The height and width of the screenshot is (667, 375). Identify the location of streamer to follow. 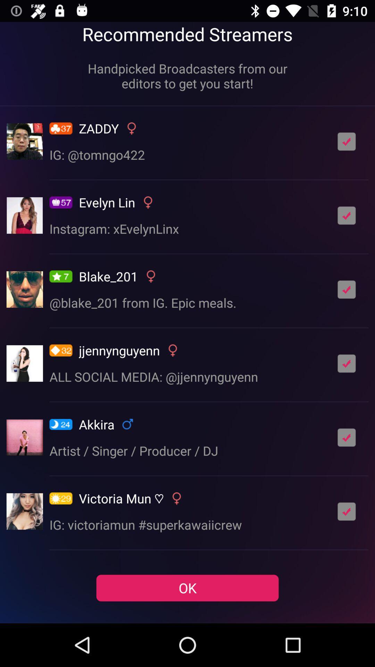
(347, 363).